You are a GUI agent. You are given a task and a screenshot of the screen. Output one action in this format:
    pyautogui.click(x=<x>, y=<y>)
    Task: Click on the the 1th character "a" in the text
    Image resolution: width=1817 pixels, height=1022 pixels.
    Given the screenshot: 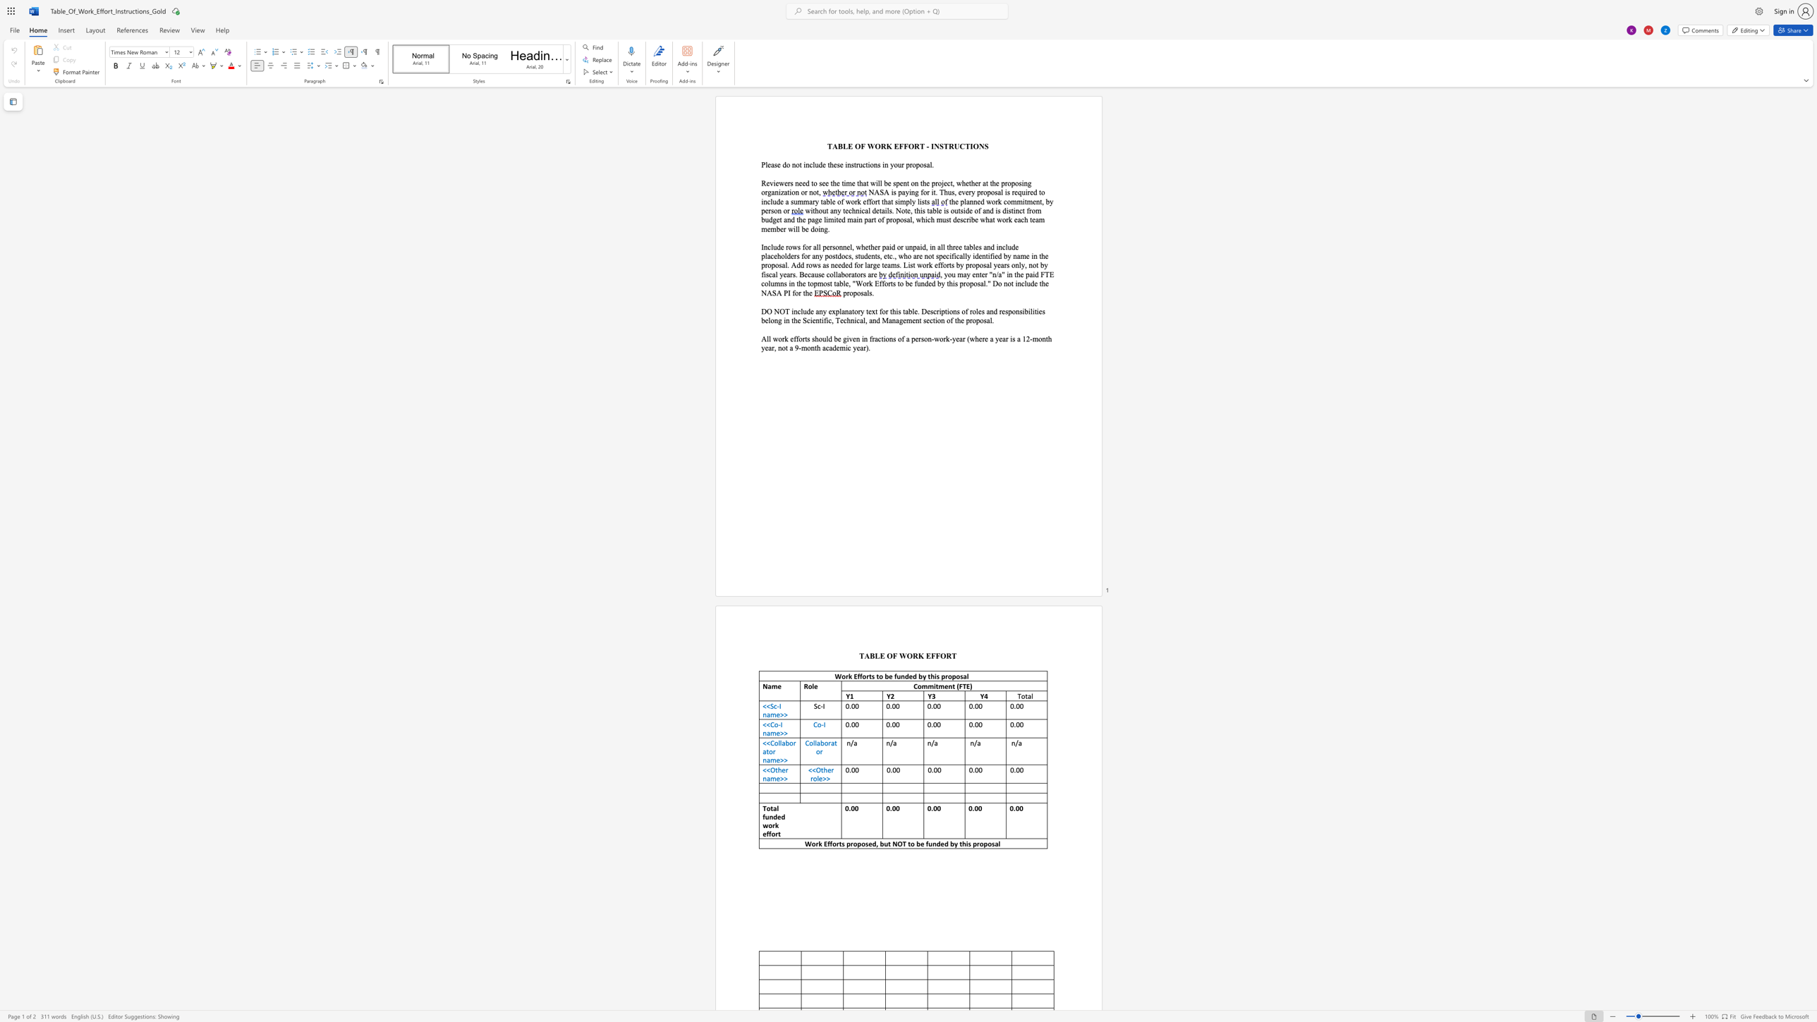 What is the action you would take?
    pyautogui.click(x=903, y=191)
    